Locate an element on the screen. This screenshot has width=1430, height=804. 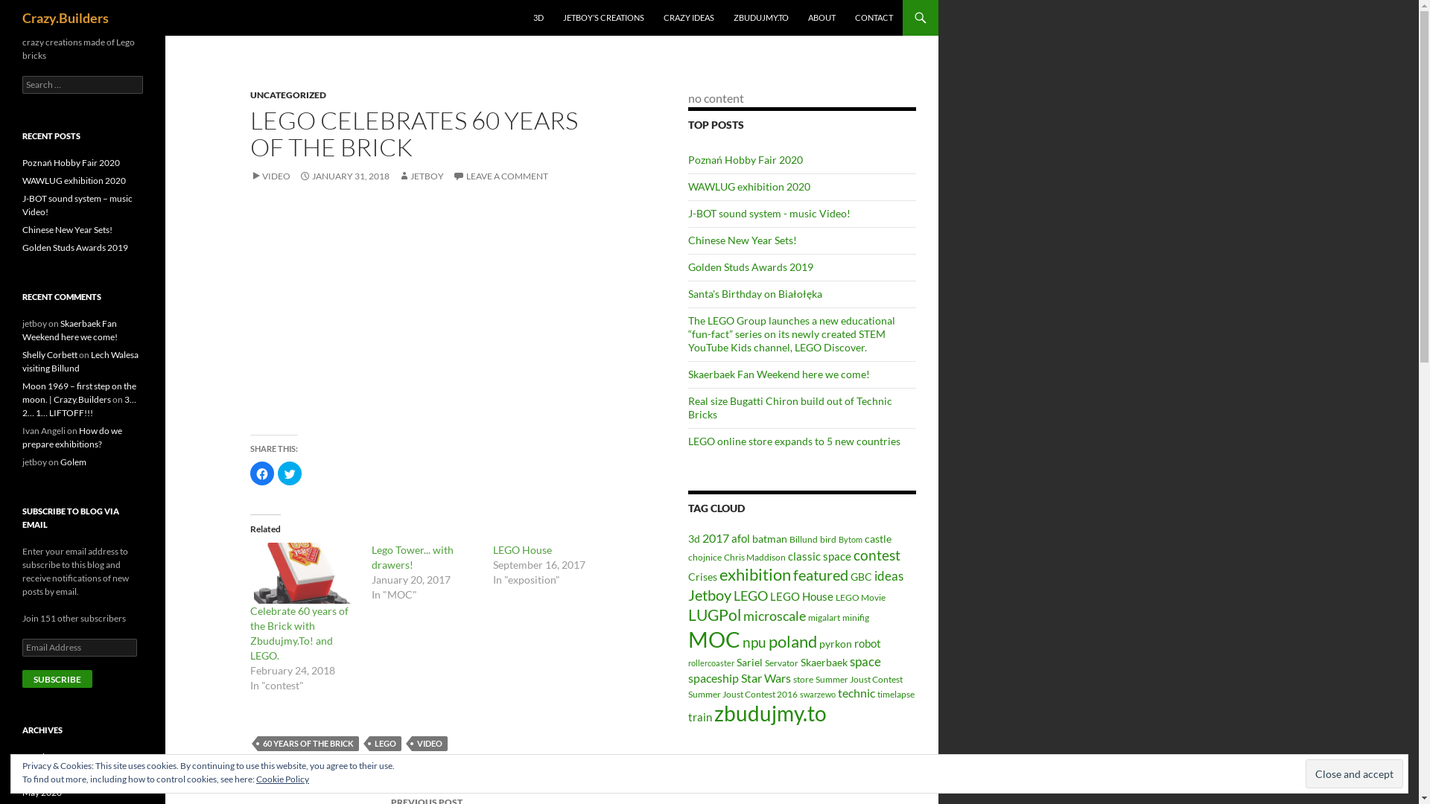
'Cookie Policy' is located at coordinates (282, 778).